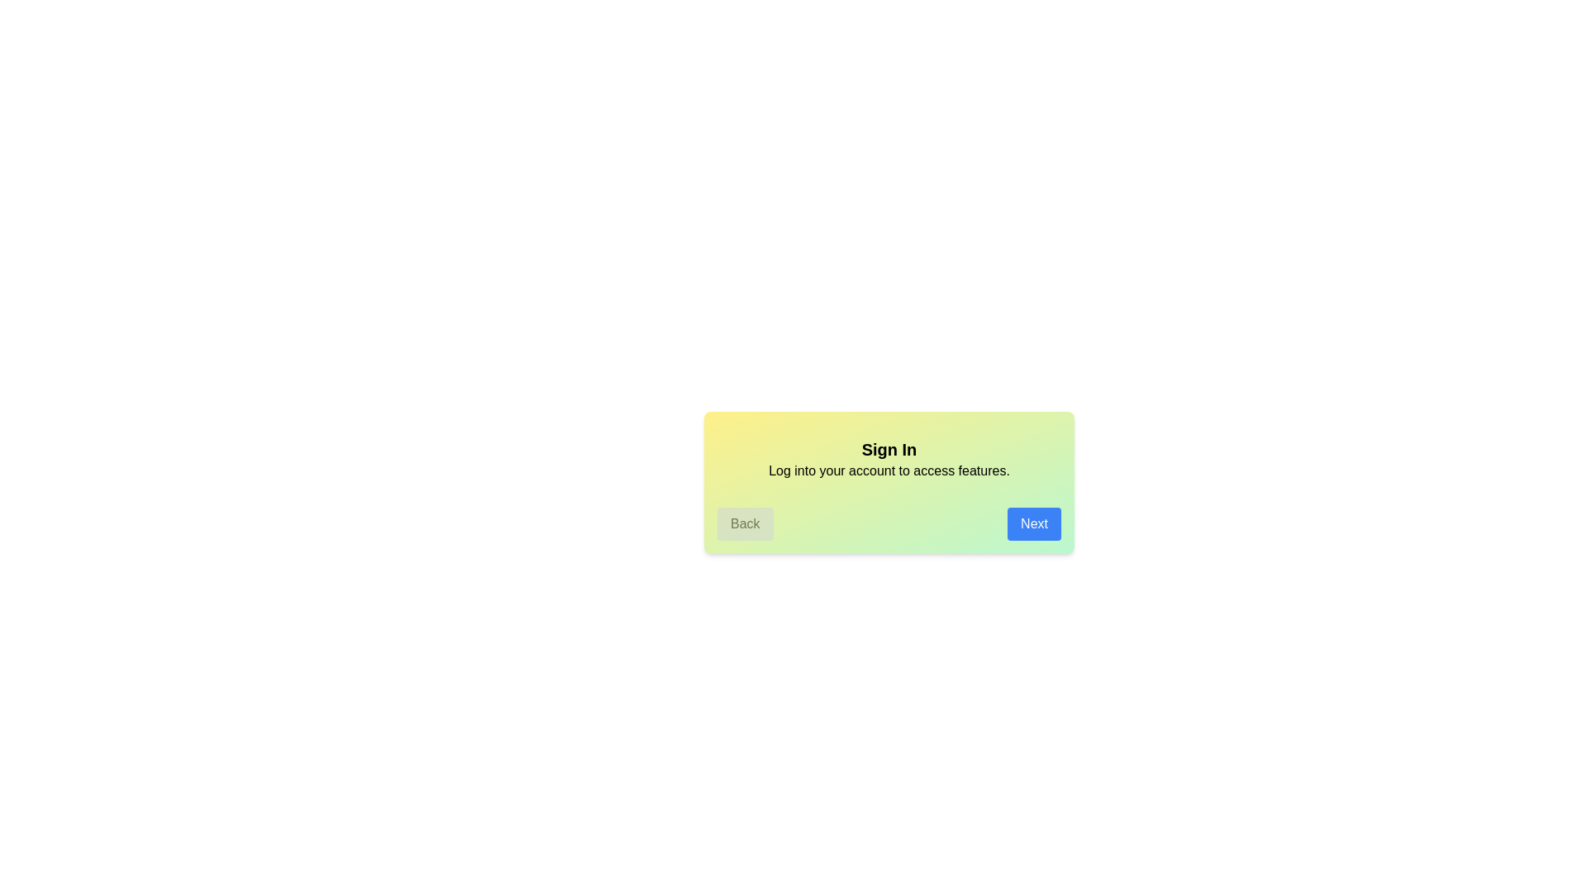 This screenshot has height=893, width=1587. Describe the element at coordinates (1033, 523) in the screenshot. I see `the 'Next' button to proceed to the next step in the guided tour` at that location.